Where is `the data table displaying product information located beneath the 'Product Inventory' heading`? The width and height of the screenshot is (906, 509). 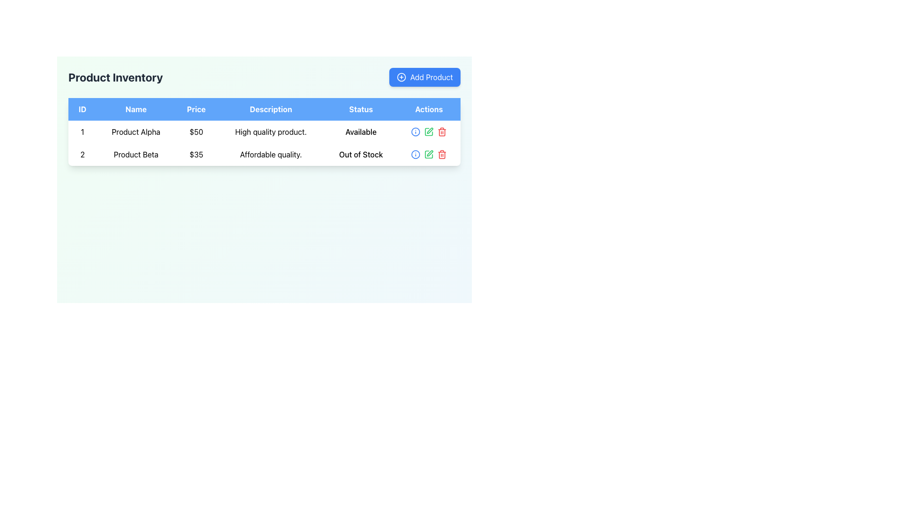
the data table displaying product information located beneath the 'Product Inventory' heading is located at coordinates (264, 132).